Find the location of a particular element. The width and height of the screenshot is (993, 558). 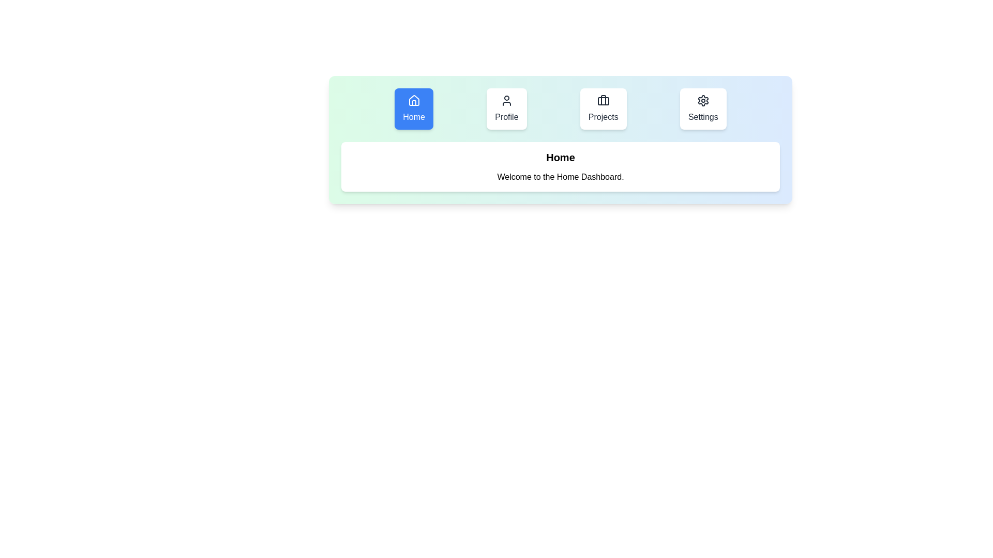

the Projects tab to observe its hover effect is located at coordinates (603, 109).